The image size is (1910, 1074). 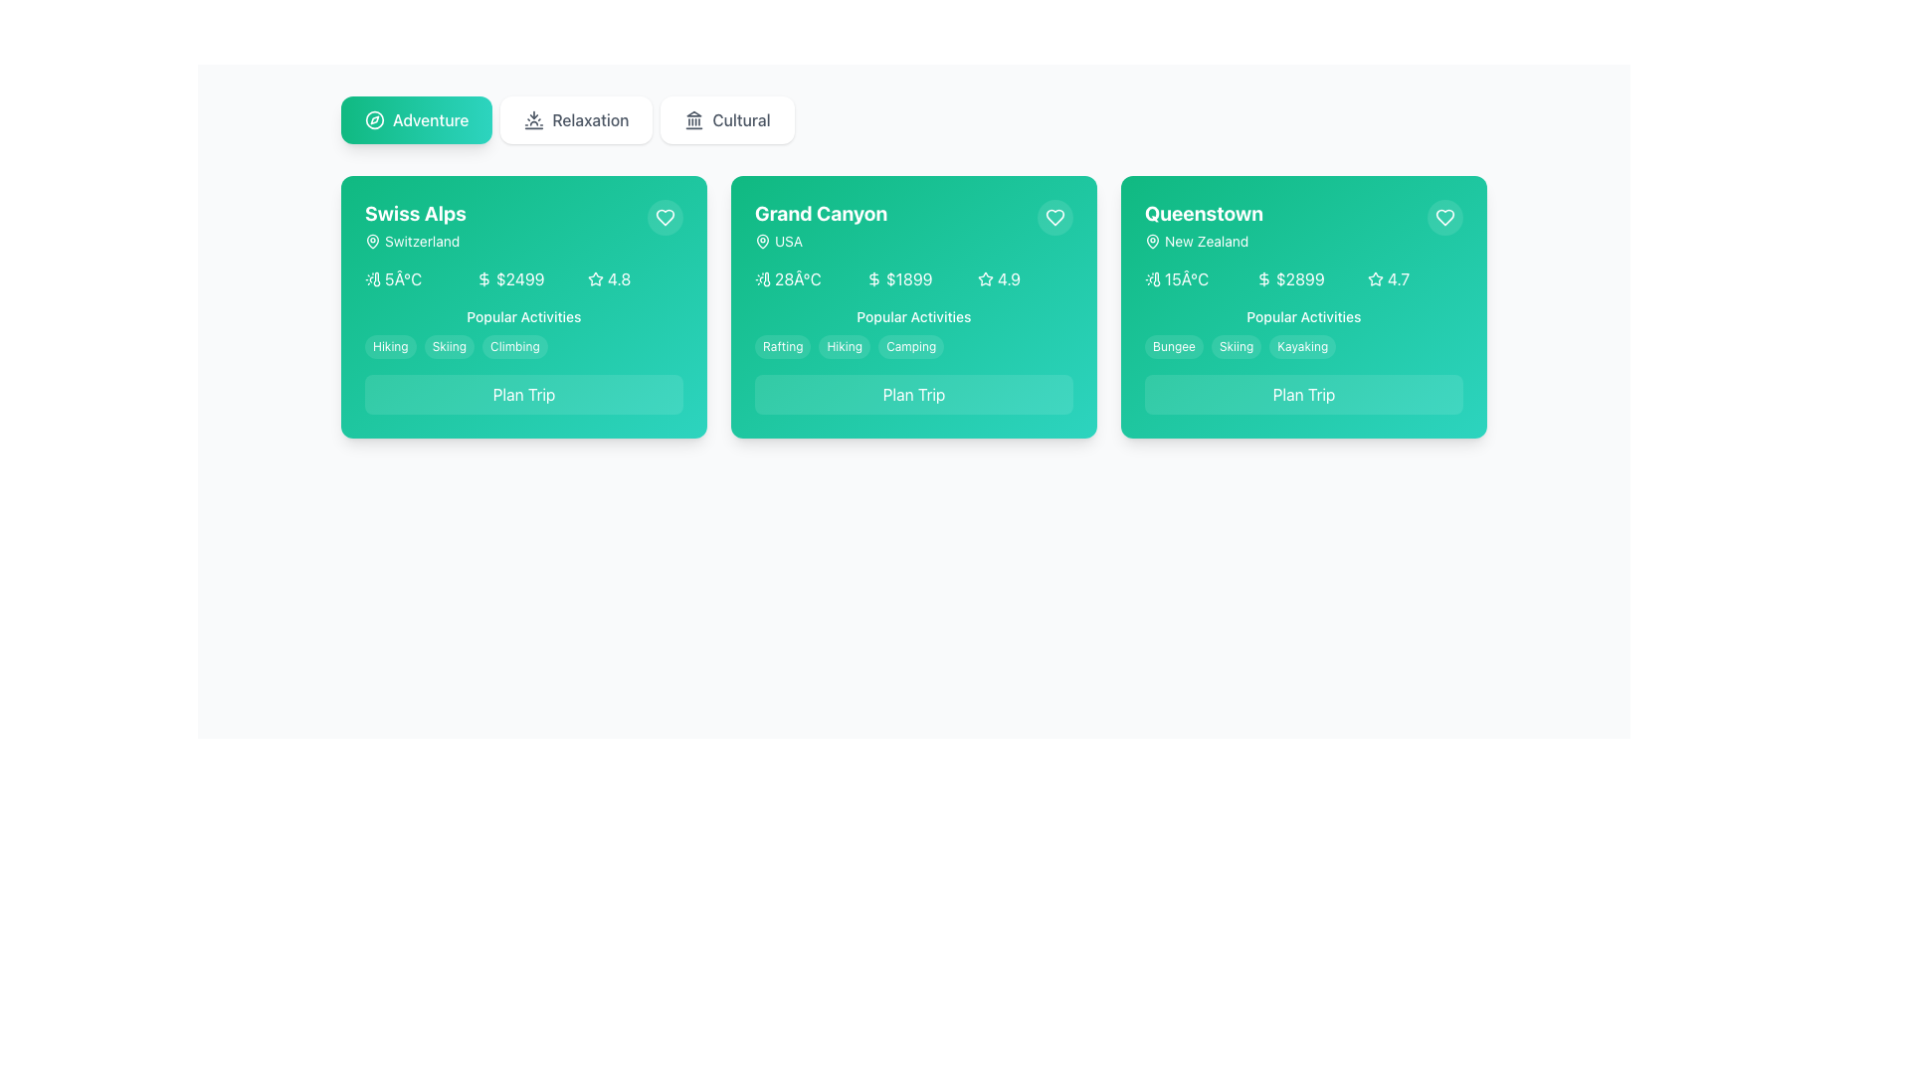 I want to click on the Informational block displaying temperature, price, and rating within the 'Grand Canyon' card, so click(x=912, y=279).